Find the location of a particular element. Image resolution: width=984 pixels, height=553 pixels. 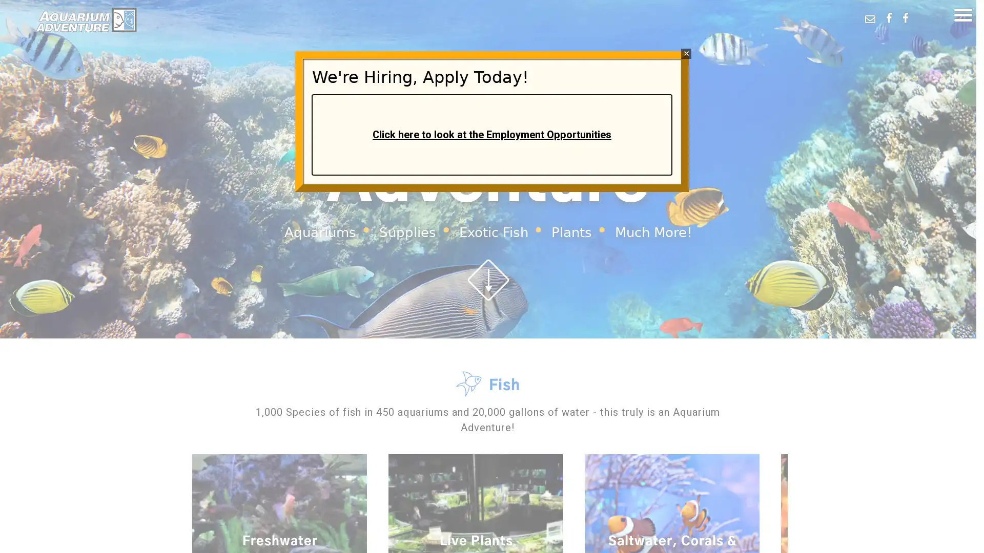

Close is located at coordinates (686, 53).